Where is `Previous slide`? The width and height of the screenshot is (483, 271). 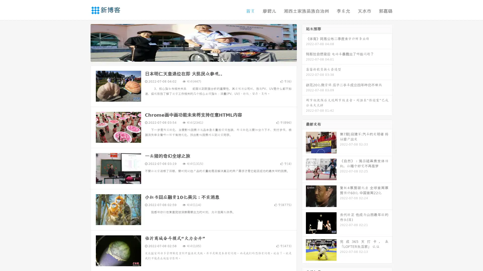 Previous slide is located at coordinates (83, 42).